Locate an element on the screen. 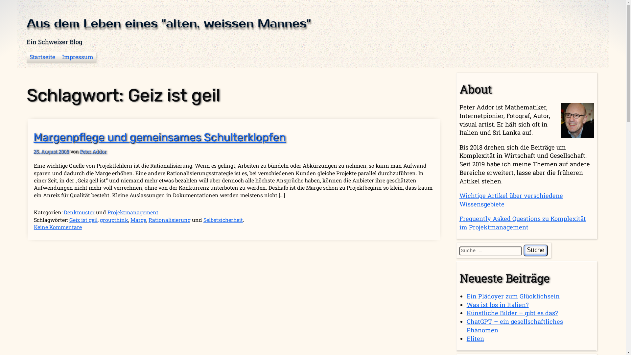 The height and width of the screenshot is (355, 631). 'Was ist los in Italien?' is located at coordinates (466, 304).